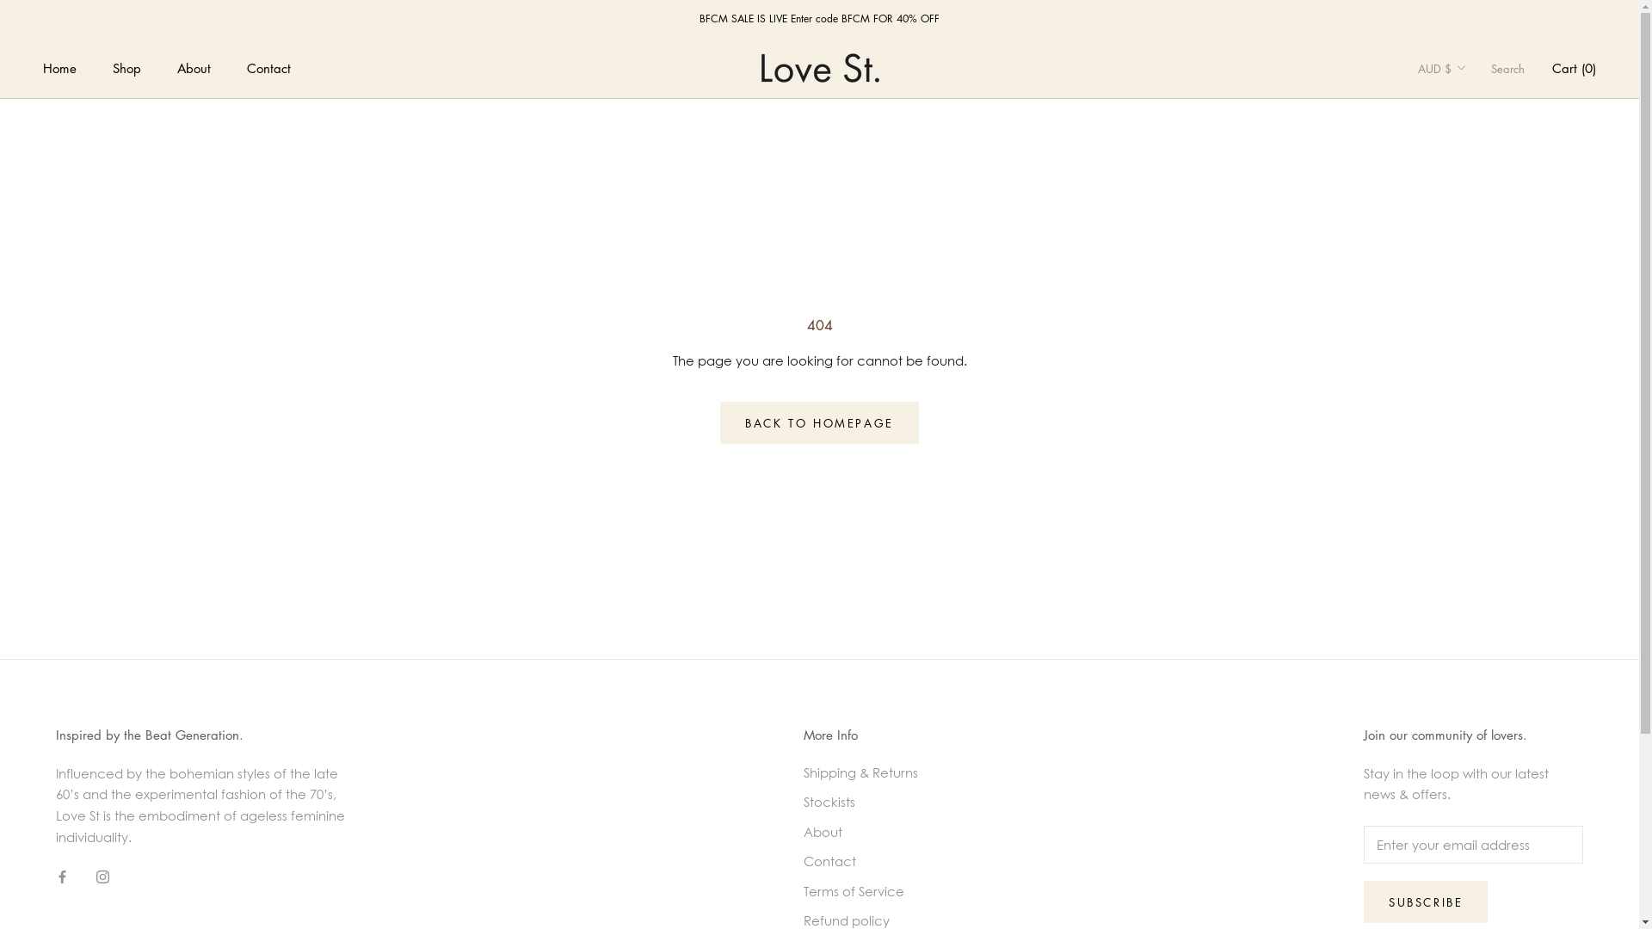  I want to click on 'BACK TO HOMEPAGE', so click(818, 422).